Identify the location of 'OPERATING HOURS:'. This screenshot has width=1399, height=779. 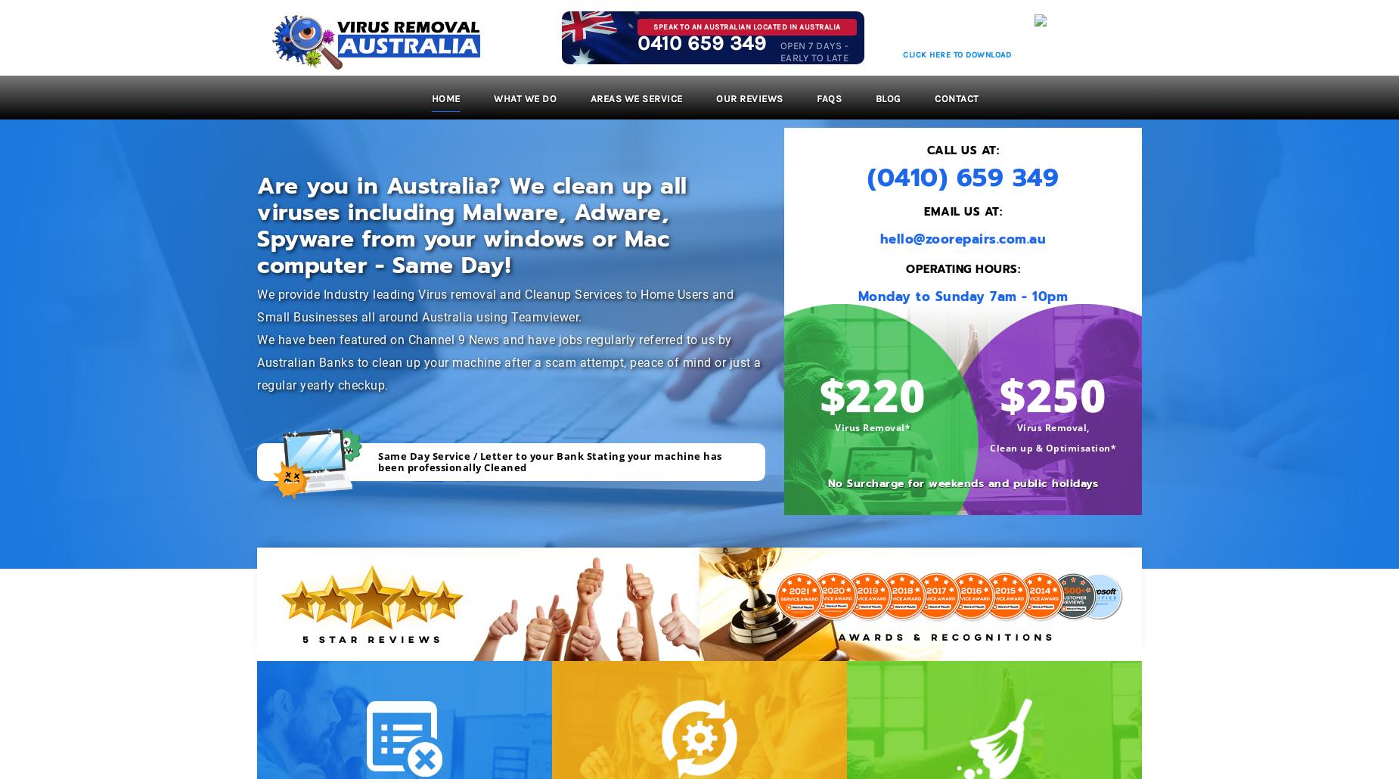
(962, 268).